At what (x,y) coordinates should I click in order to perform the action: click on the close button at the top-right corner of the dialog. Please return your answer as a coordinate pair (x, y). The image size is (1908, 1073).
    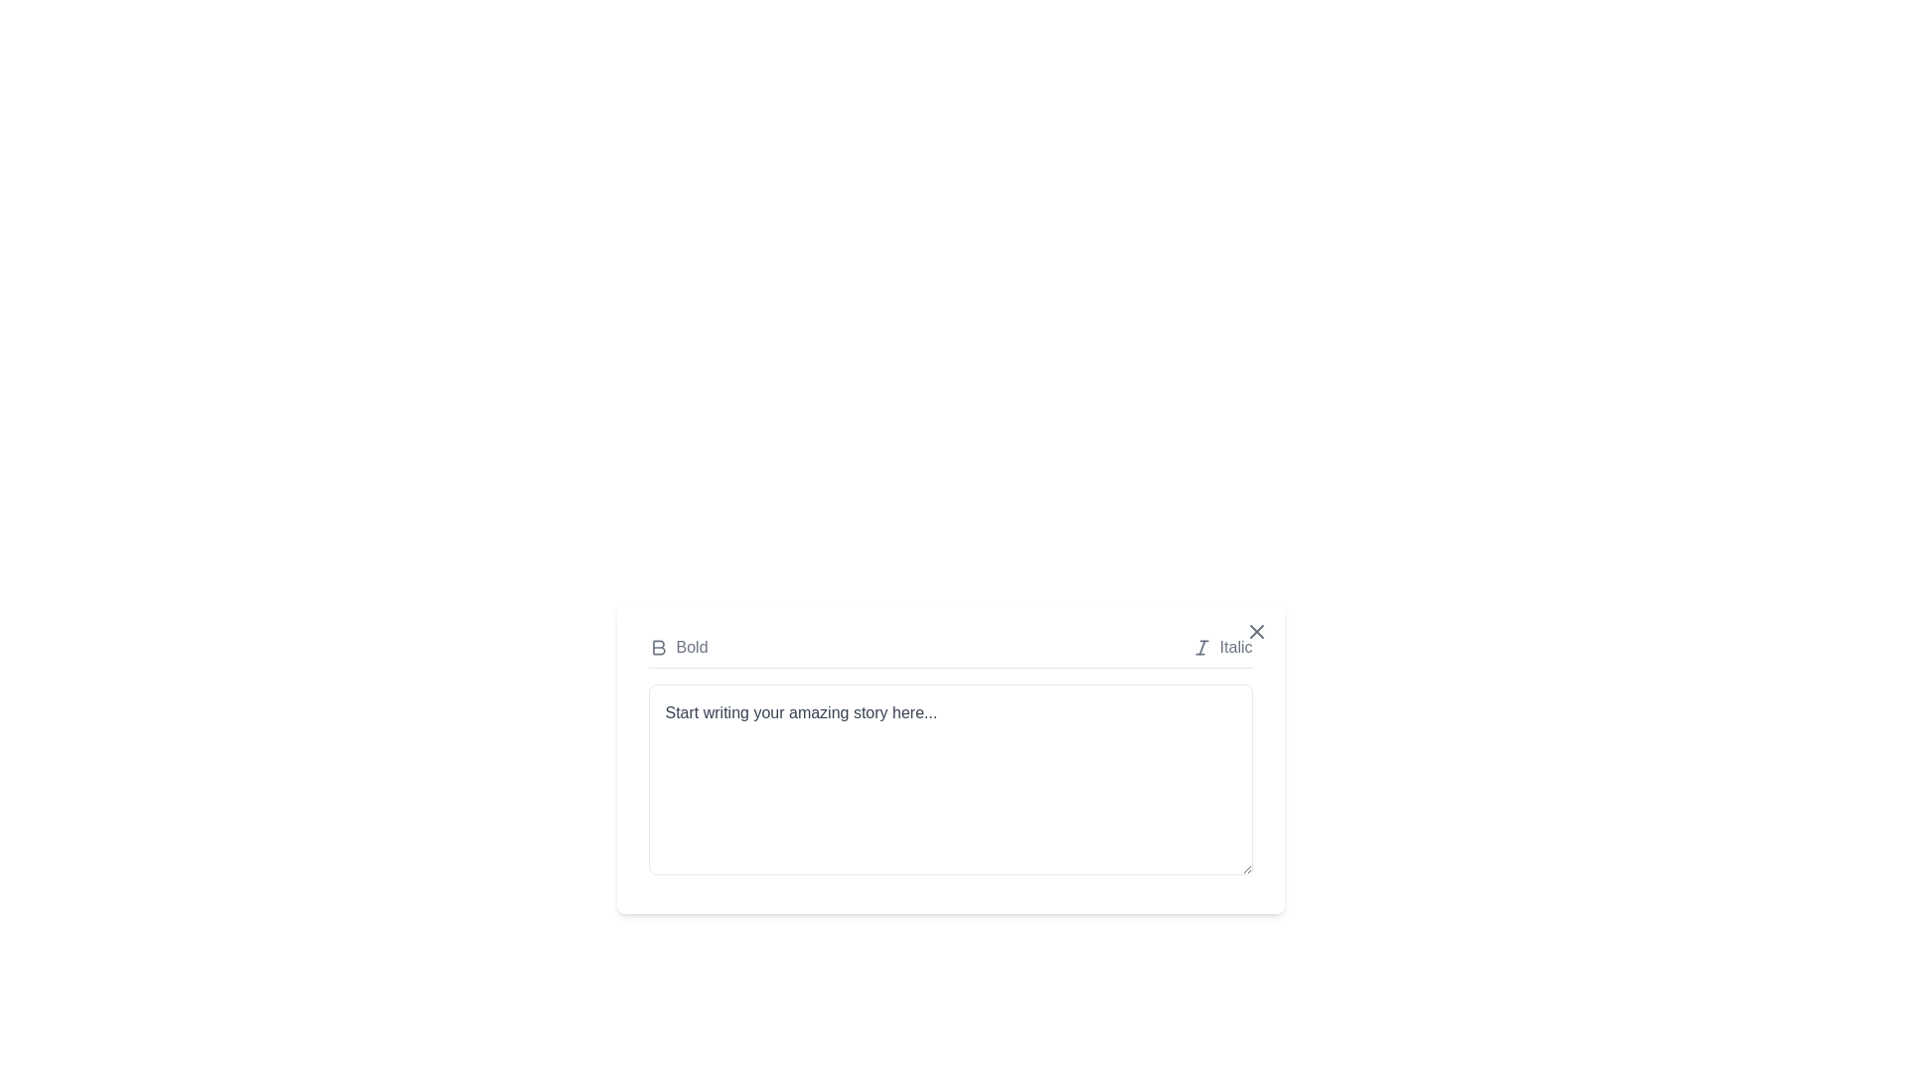
    Looking at the image, I should click on (1255, 632).